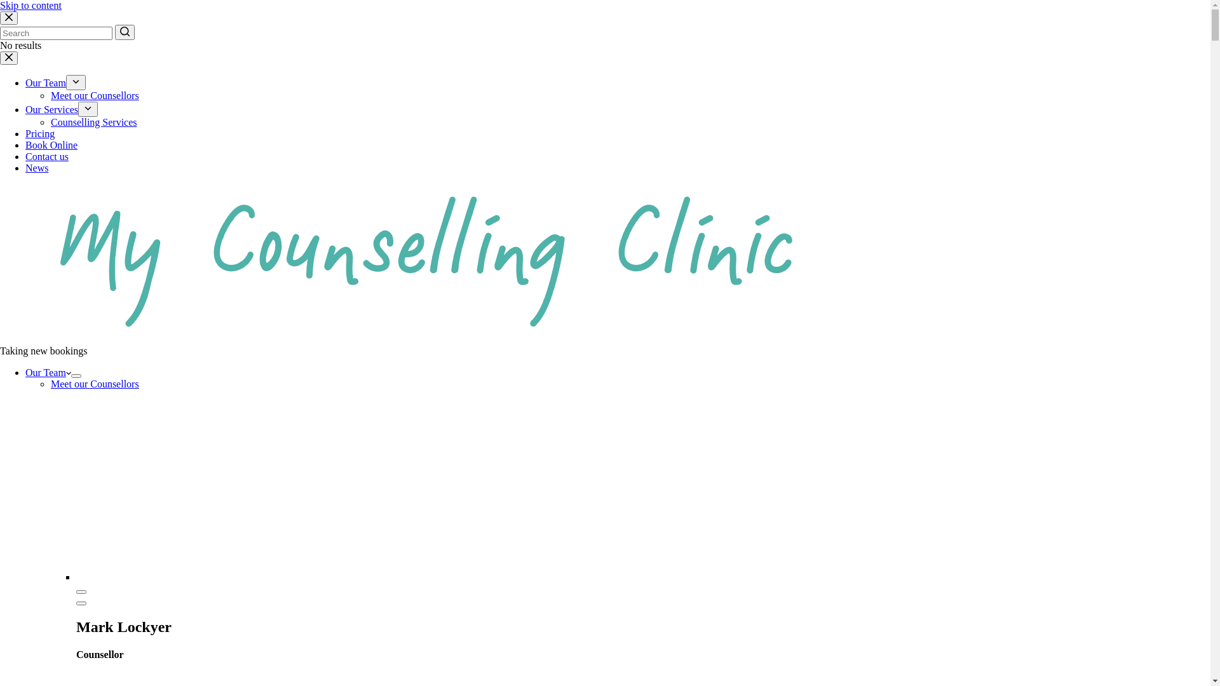 The height and width of the screenshot is (686, 1220). Describe the element at coordinates (93, 122) in the screenshot. I see `'Counselling Services'` at that location.